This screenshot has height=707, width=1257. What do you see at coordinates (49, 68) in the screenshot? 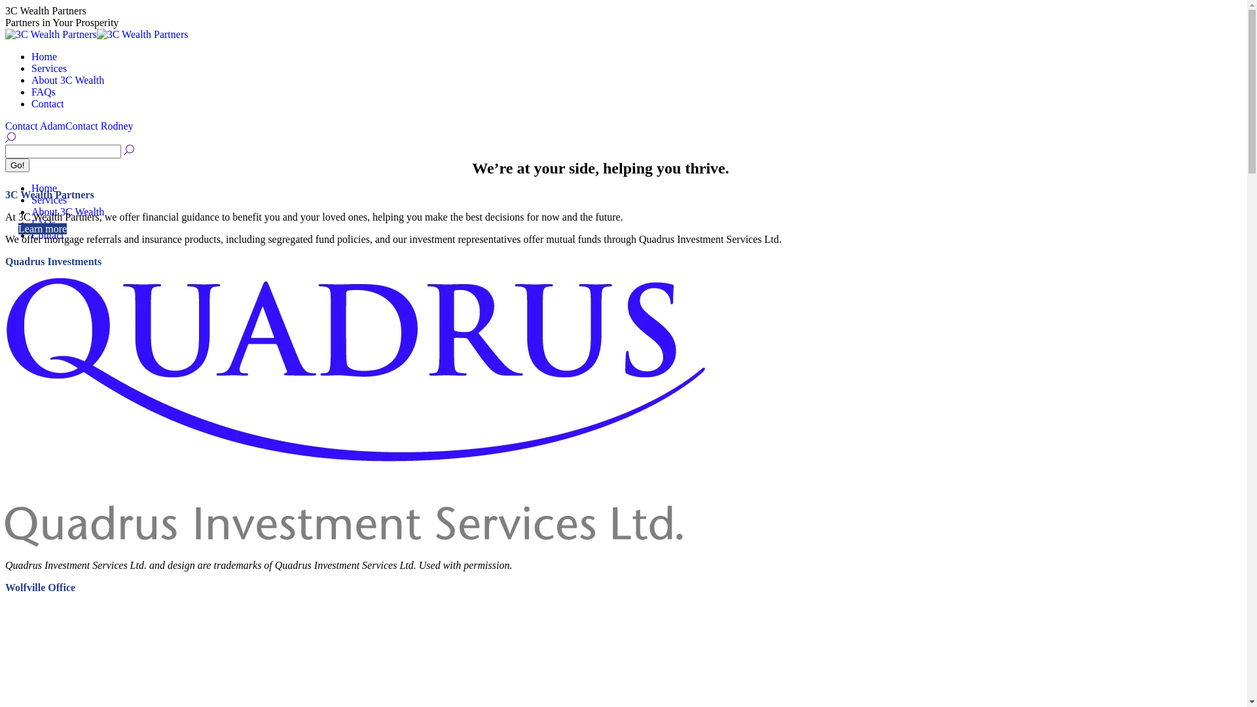
I see `'Services'` at bounding box center [49, 68].